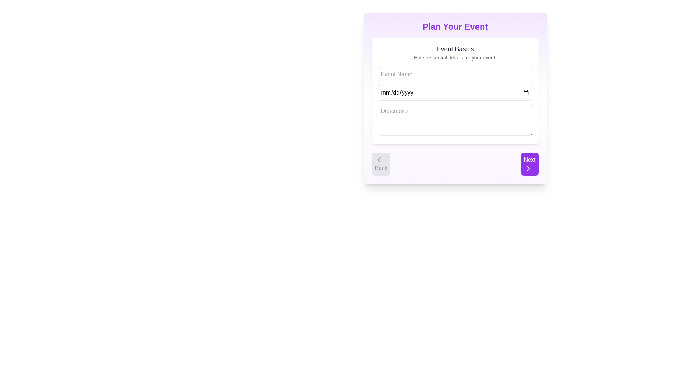 Image resolution: width=689 pixels, height=387 pixels. What do you see at coordinates (379, 159) in the screenshot?
I see `the left-pointing chevron icon within the 'Back' button located at the bottom left corner of the 'Plan Your Event' section` at bounding box center [379, 159].